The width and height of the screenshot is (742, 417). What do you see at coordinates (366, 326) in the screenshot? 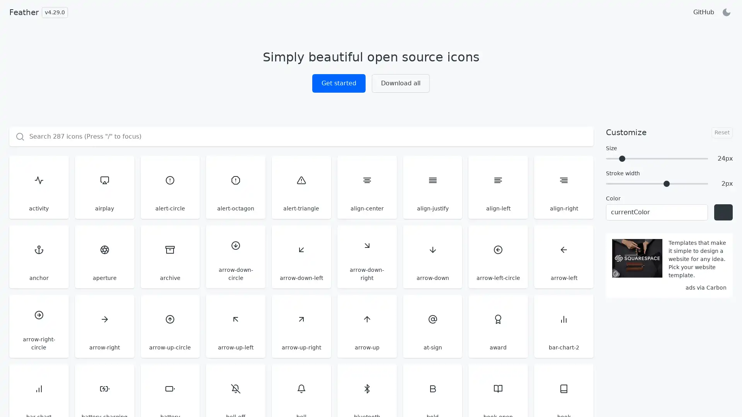
I see `arrow-up` at bounding box center [366, 326].